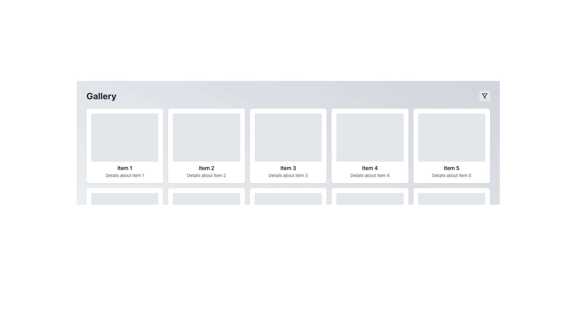 The width and height of the screenshot is (578, 325). I want to click on the text label reading 'Item 4' which is centrally aligned above the details text within the fourth card of the gallery grid, so click(369, 168).